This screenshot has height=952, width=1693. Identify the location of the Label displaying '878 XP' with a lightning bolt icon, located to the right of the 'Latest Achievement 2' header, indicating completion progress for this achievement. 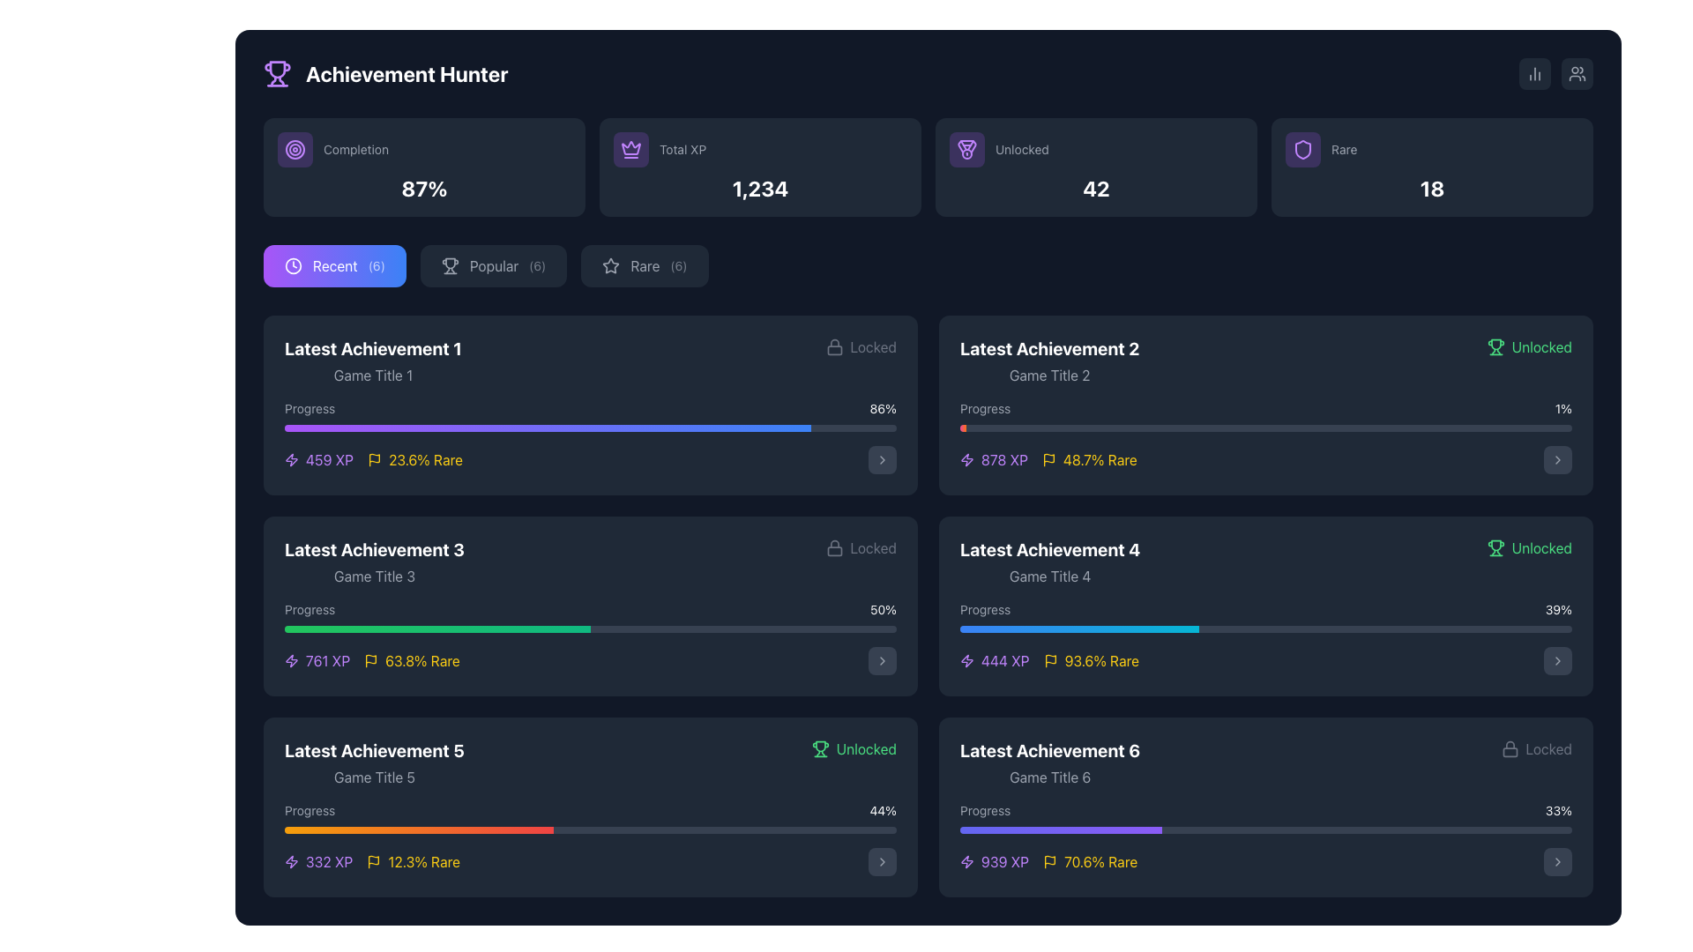
(994, 458).